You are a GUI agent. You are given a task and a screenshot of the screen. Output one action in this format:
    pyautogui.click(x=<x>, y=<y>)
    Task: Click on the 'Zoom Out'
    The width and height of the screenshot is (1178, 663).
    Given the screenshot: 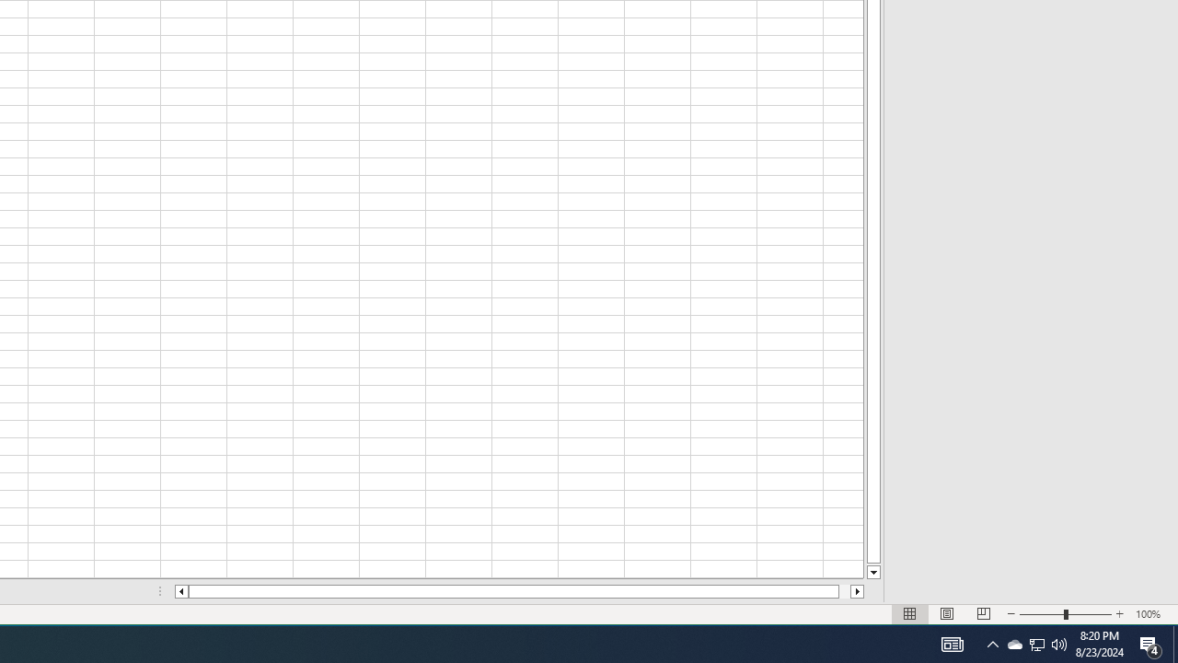 What is the action you would take?
    pyautogui.click(x=1042, y=614)
    